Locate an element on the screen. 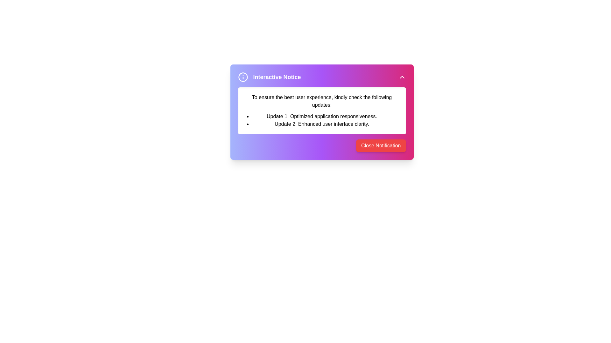 The image size is (611, 343). the text within the alert details is located at coordinates (322, 110).